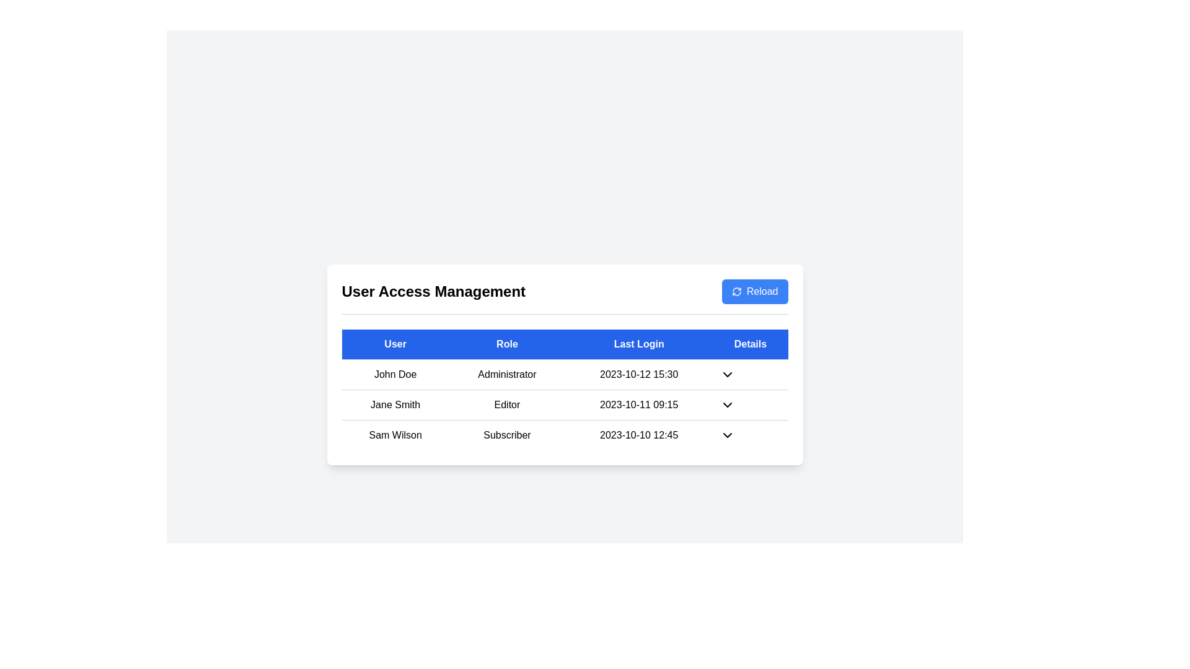  Describe the element at coordinates (639, 405) in the screenshot. I see `the text element displaying '2023-10-11 09:15' in the 'Last Login' column of the 'User Access Management' table for user 'Jane Smith'` at that location.